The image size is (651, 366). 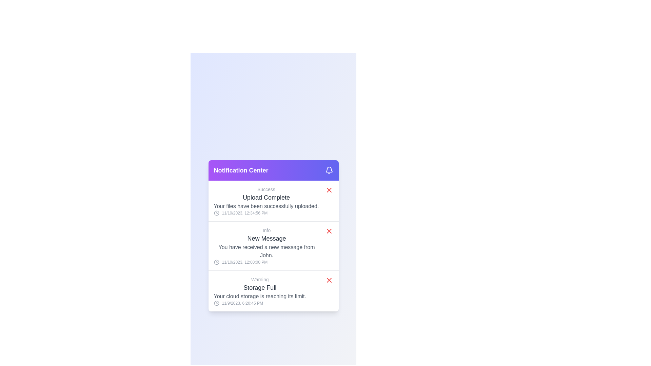 What do you see at coordinates (329, 169) in the screenshot?
I see `the notification bell icon located in the top-right corner of the purple header bar of the notification panel` at bounding box center [329, 169].